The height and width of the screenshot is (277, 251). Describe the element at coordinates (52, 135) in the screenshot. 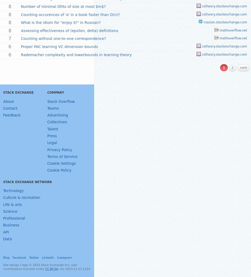

I see `'Press'` at that location.